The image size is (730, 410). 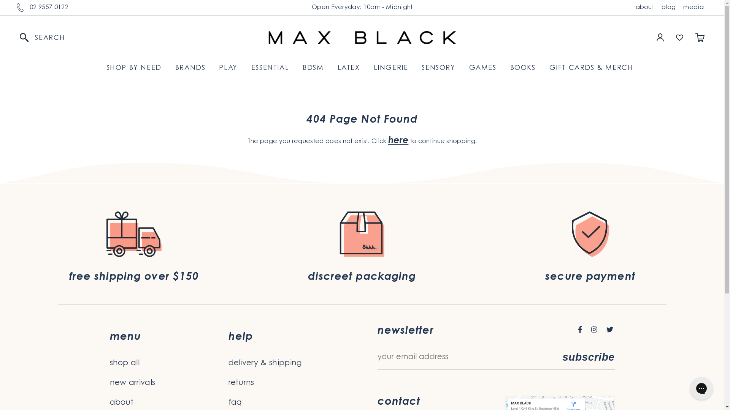 I want to click on 'LINGERIE', so click(x=374, y=68).